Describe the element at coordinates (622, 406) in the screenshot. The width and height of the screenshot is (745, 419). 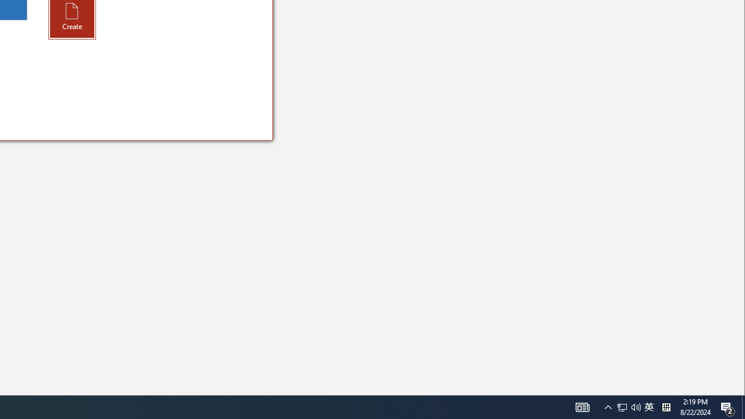
I see `'Q2790: 100%'` at that location.